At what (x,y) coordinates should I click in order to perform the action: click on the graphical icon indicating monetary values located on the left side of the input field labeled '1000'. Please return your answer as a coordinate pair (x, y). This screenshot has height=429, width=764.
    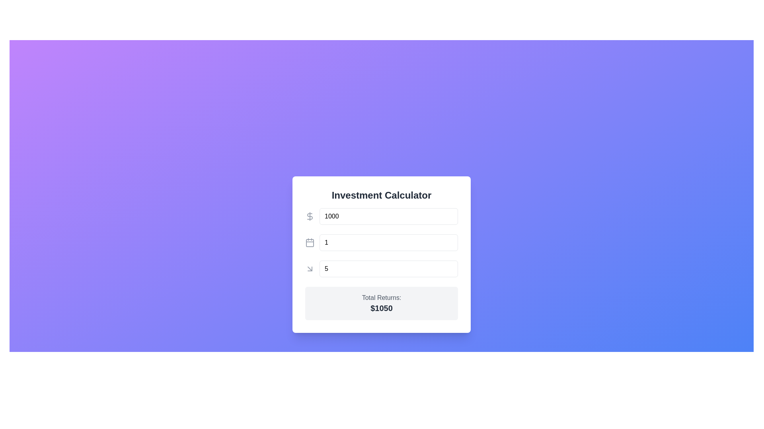
    Looking at the image, I should click on (309, 216).